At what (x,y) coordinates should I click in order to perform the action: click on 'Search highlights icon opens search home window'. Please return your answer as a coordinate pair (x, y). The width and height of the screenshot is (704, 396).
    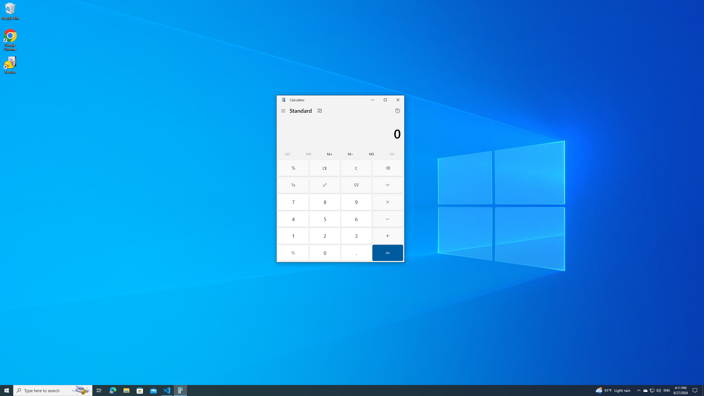
    Looking at the image, I should click on (81, 390).